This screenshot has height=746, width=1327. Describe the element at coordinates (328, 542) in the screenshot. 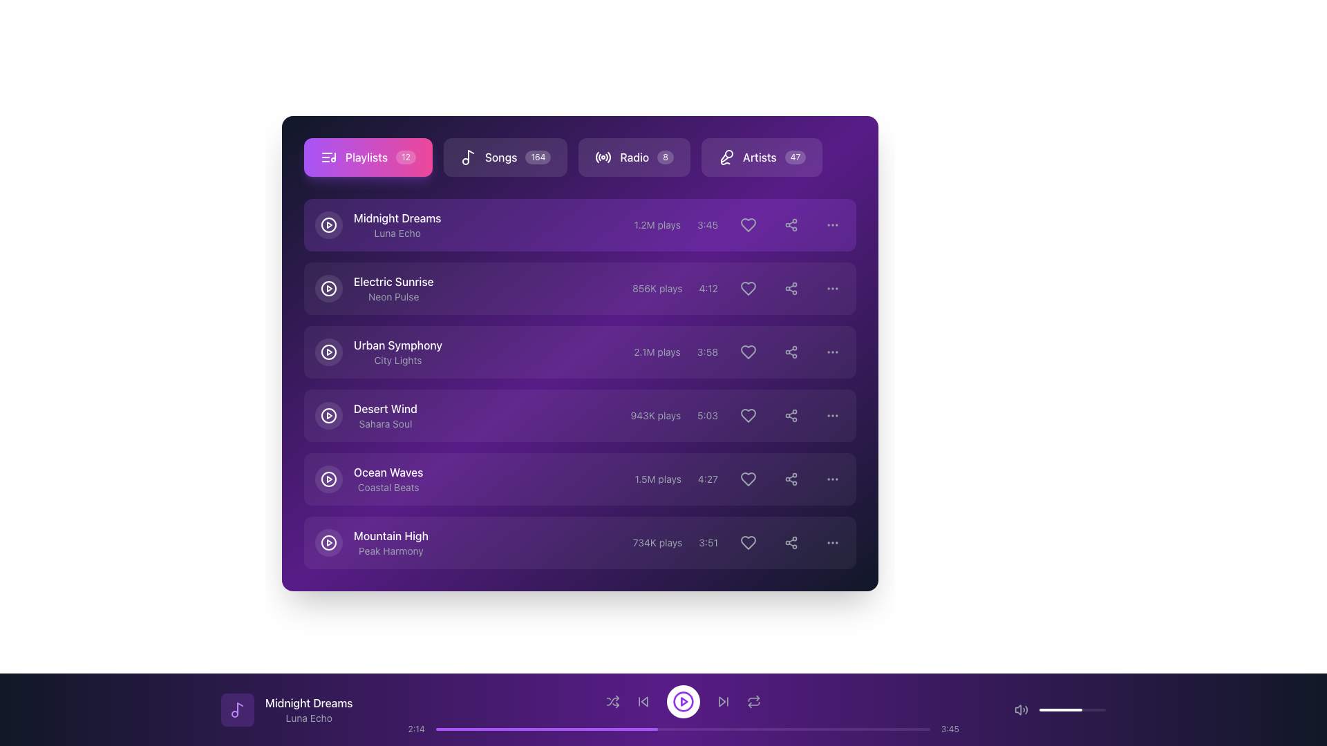

I see `the circular boundary element of the play button, which is outlined in white on a purple background, located on the left side of the 'Mountain High' song row in the playlist interface` at that location.